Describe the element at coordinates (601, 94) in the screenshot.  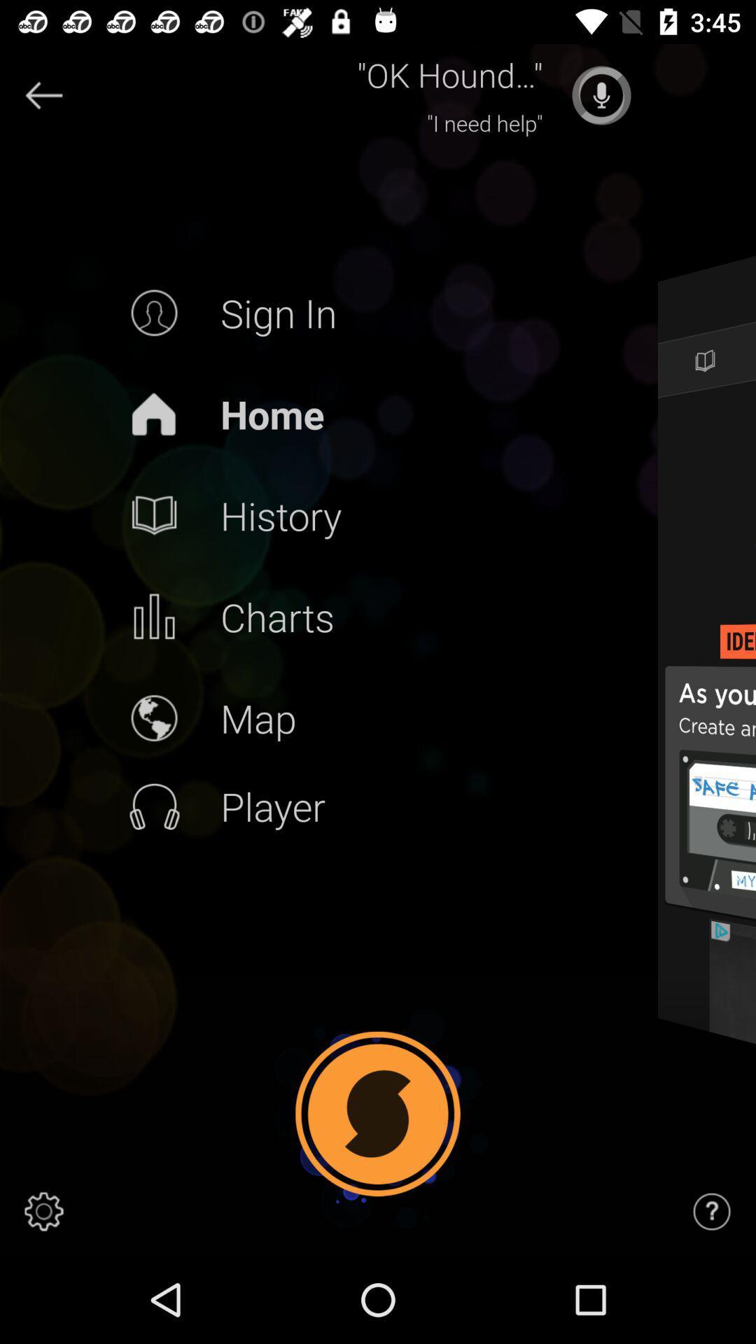
I see `the microphone icon` at that location.